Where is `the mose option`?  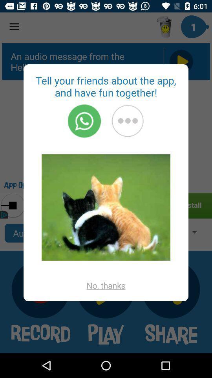 the mose option is located at coordinates (128, 121).